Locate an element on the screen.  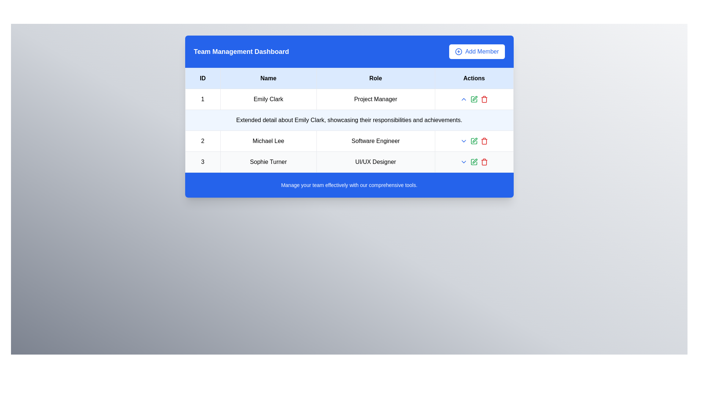
the second row of the table displaying the number '2', the name 'Michael Lee', and the role 'Software Engineer' is located at coordinates (349, 141).